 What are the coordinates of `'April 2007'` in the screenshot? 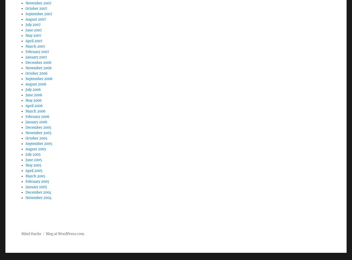 It's located at (26, 27).